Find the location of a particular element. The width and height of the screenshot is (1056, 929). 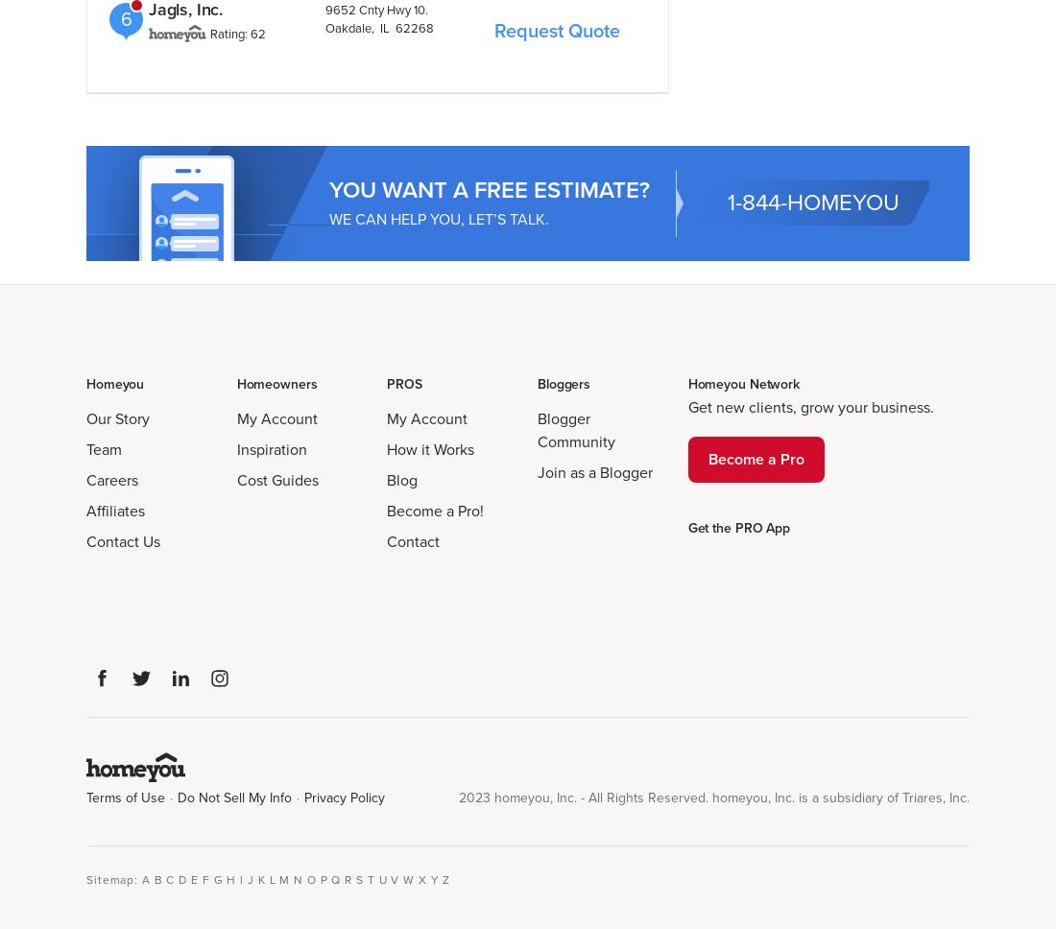

'I' is located at coordinates (242, 879).